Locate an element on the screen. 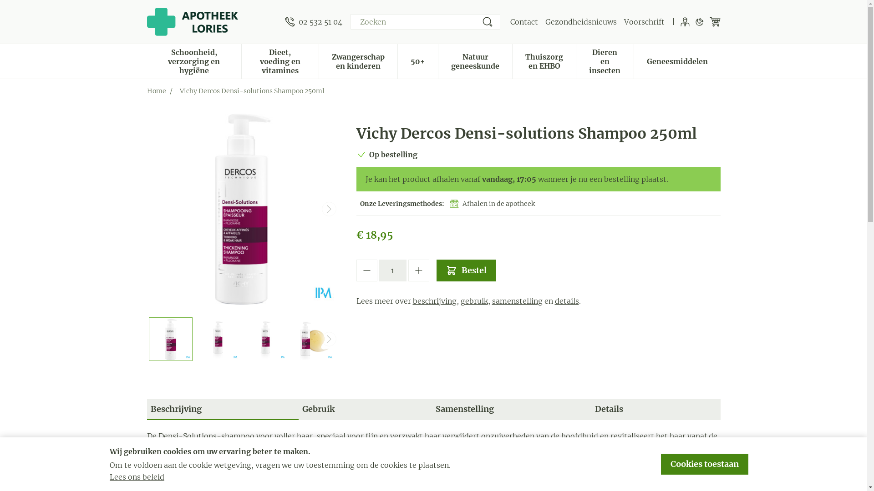  'Cookies toestaan' is located at coordinates (661, 464).